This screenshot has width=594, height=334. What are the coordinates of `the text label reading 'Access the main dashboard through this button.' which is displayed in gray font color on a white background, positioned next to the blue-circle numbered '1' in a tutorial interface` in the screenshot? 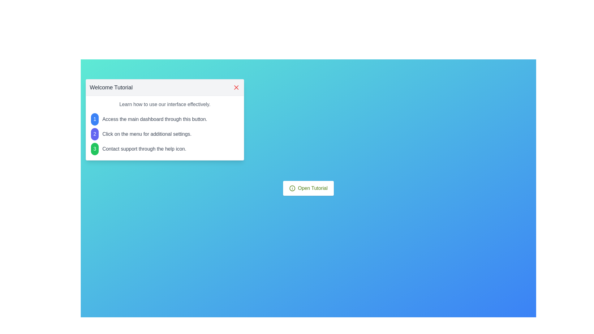 It's located at (155, 119).